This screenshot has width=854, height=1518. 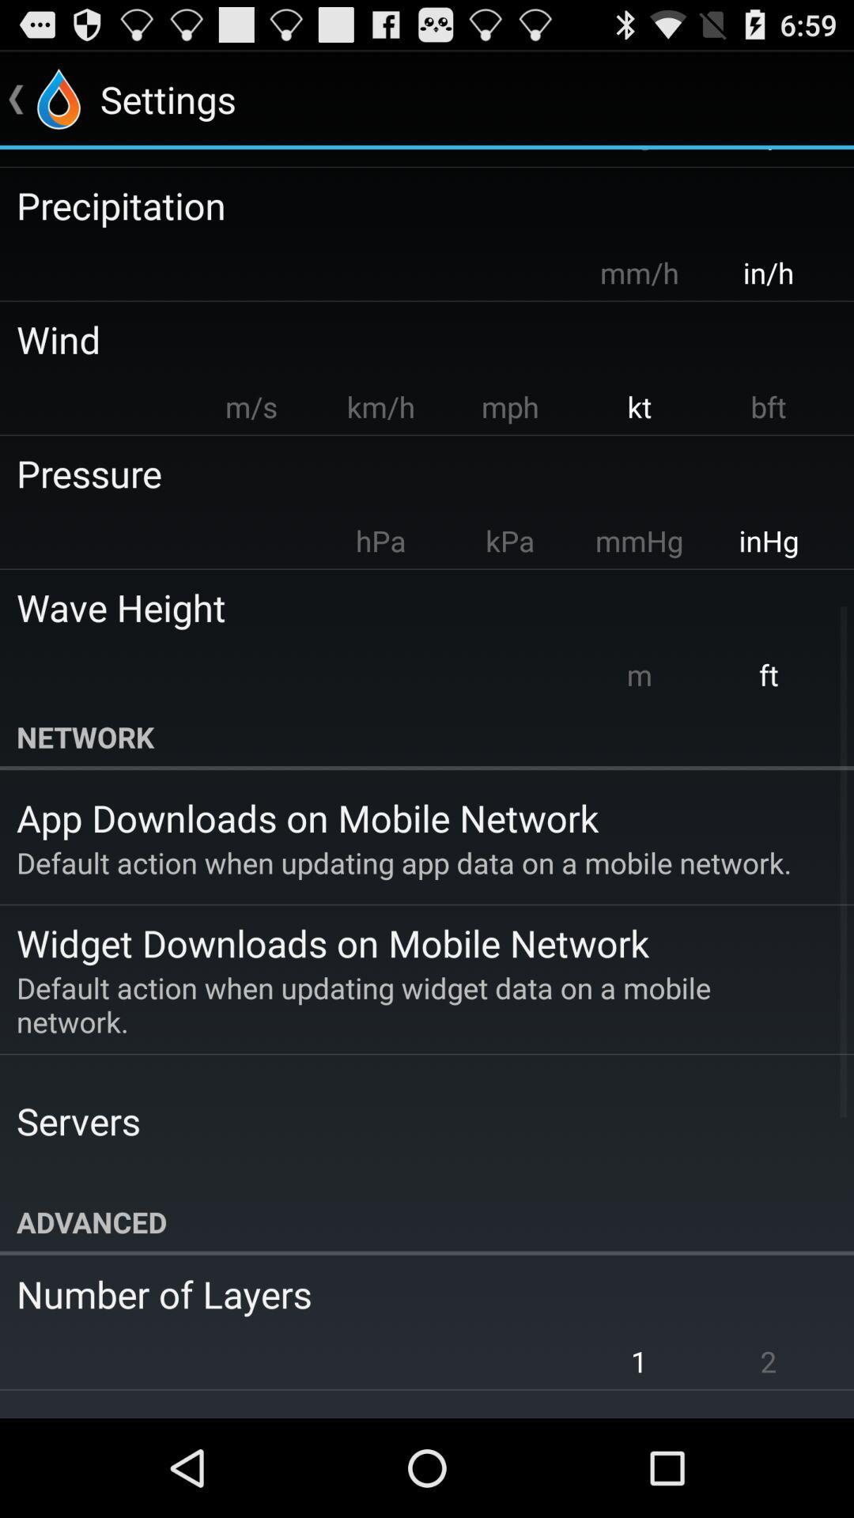 I want to click on the kpa icon, so click(x=509, y=541).